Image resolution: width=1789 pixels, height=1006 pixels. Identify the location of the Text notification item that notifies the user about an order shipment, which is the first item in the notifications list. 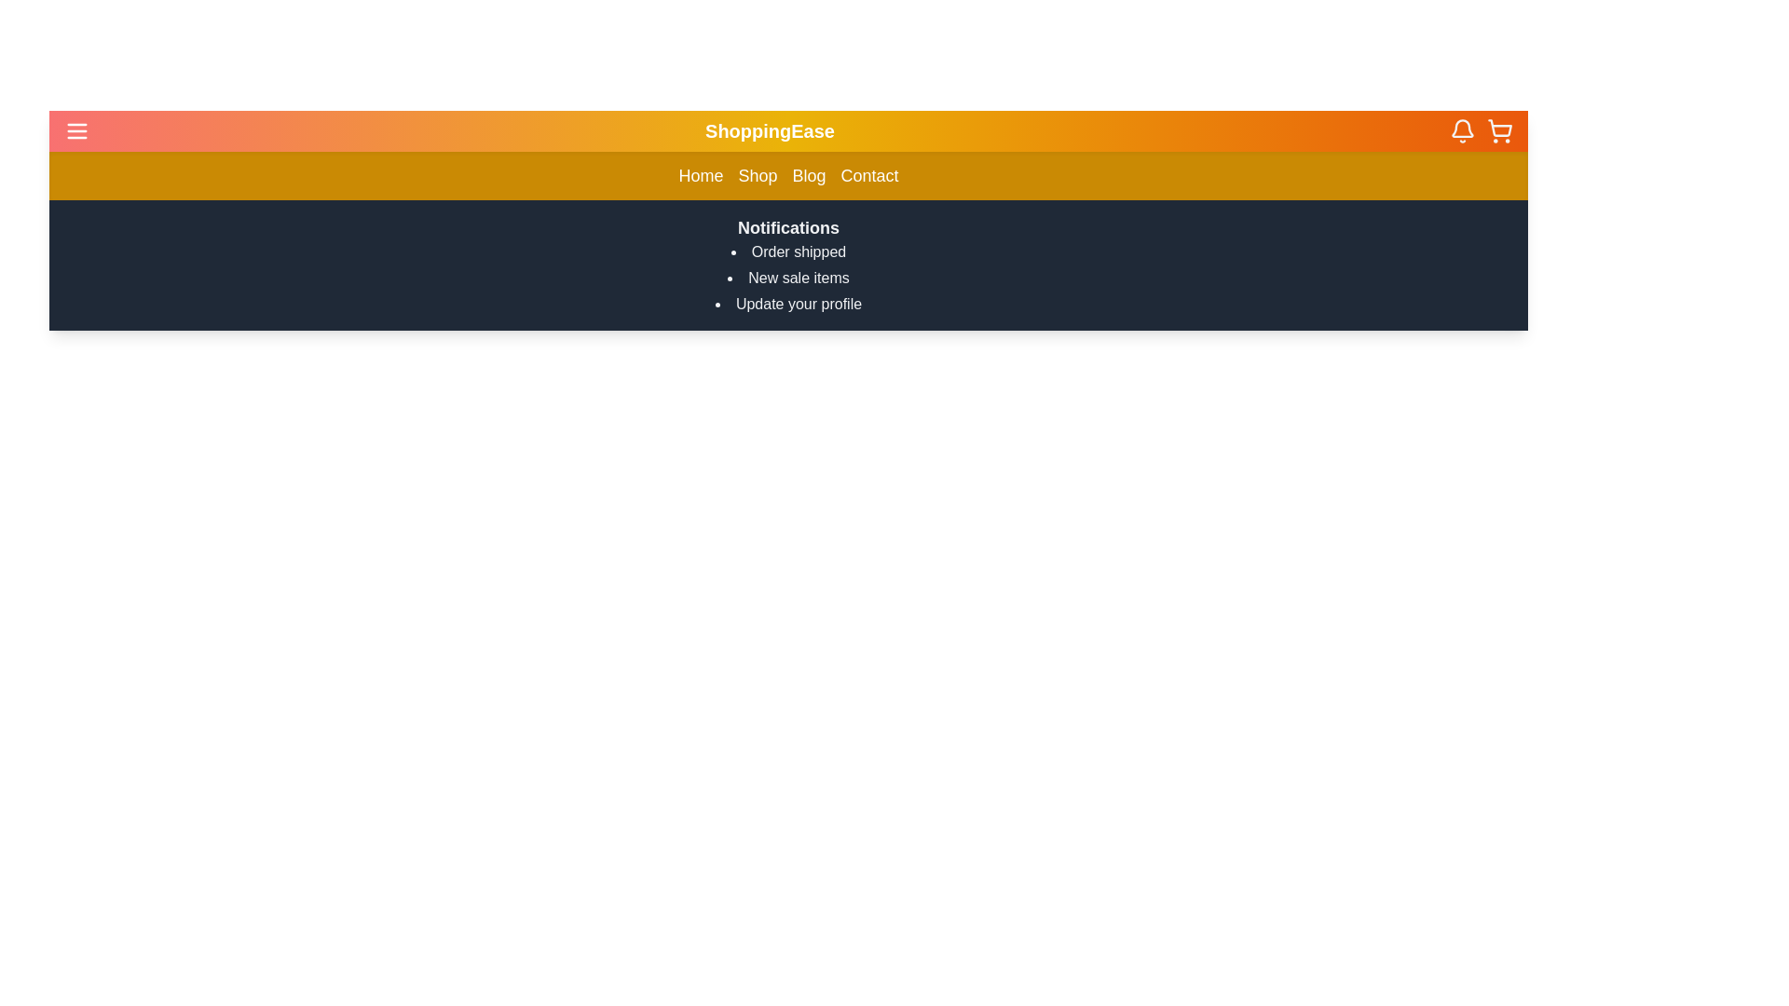
(788, 251).